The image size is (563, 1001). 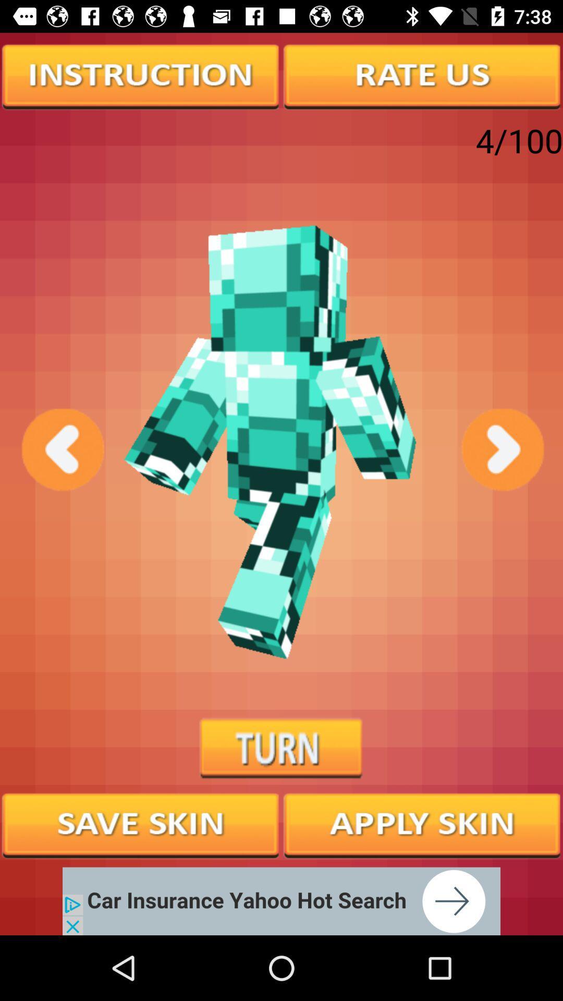 What do you see at coordinates (500, 449) in the screenshot?
I see `go forward` at bounding box center [500, 449].